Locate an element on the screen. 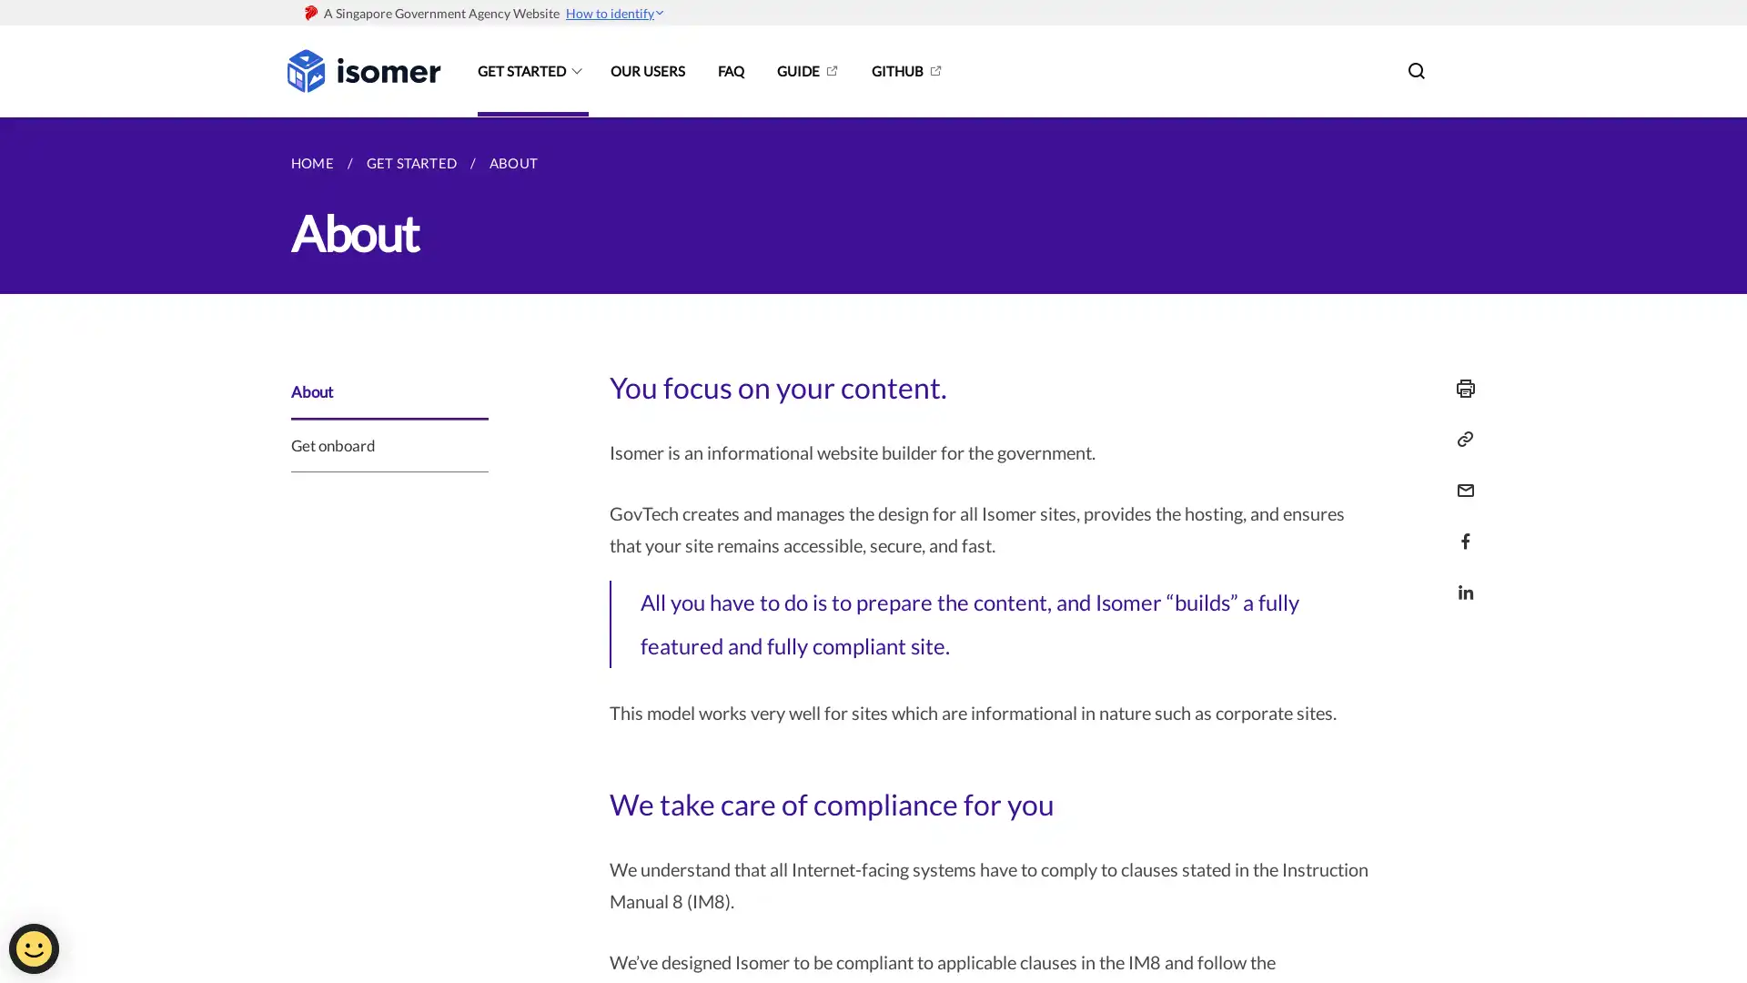 This screenshot has height=983, width=1747. Copy Link is located at coordinates (1459, 439).